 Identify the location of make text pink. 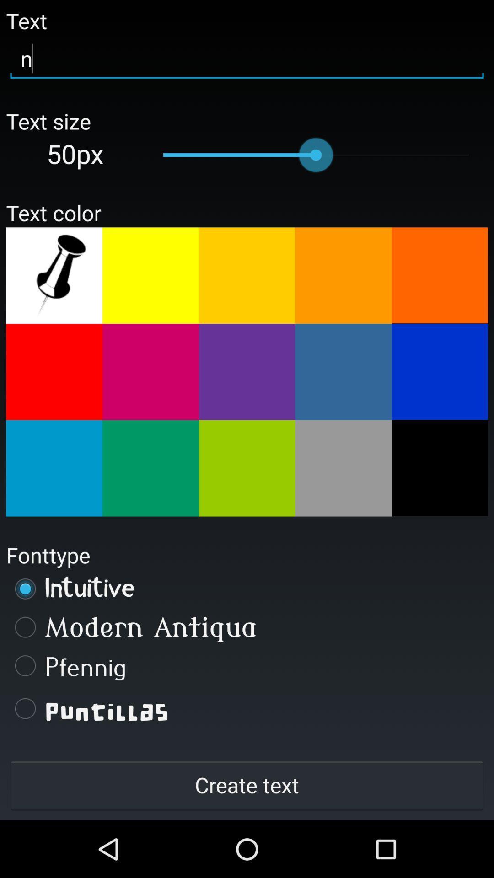
(150, 372).